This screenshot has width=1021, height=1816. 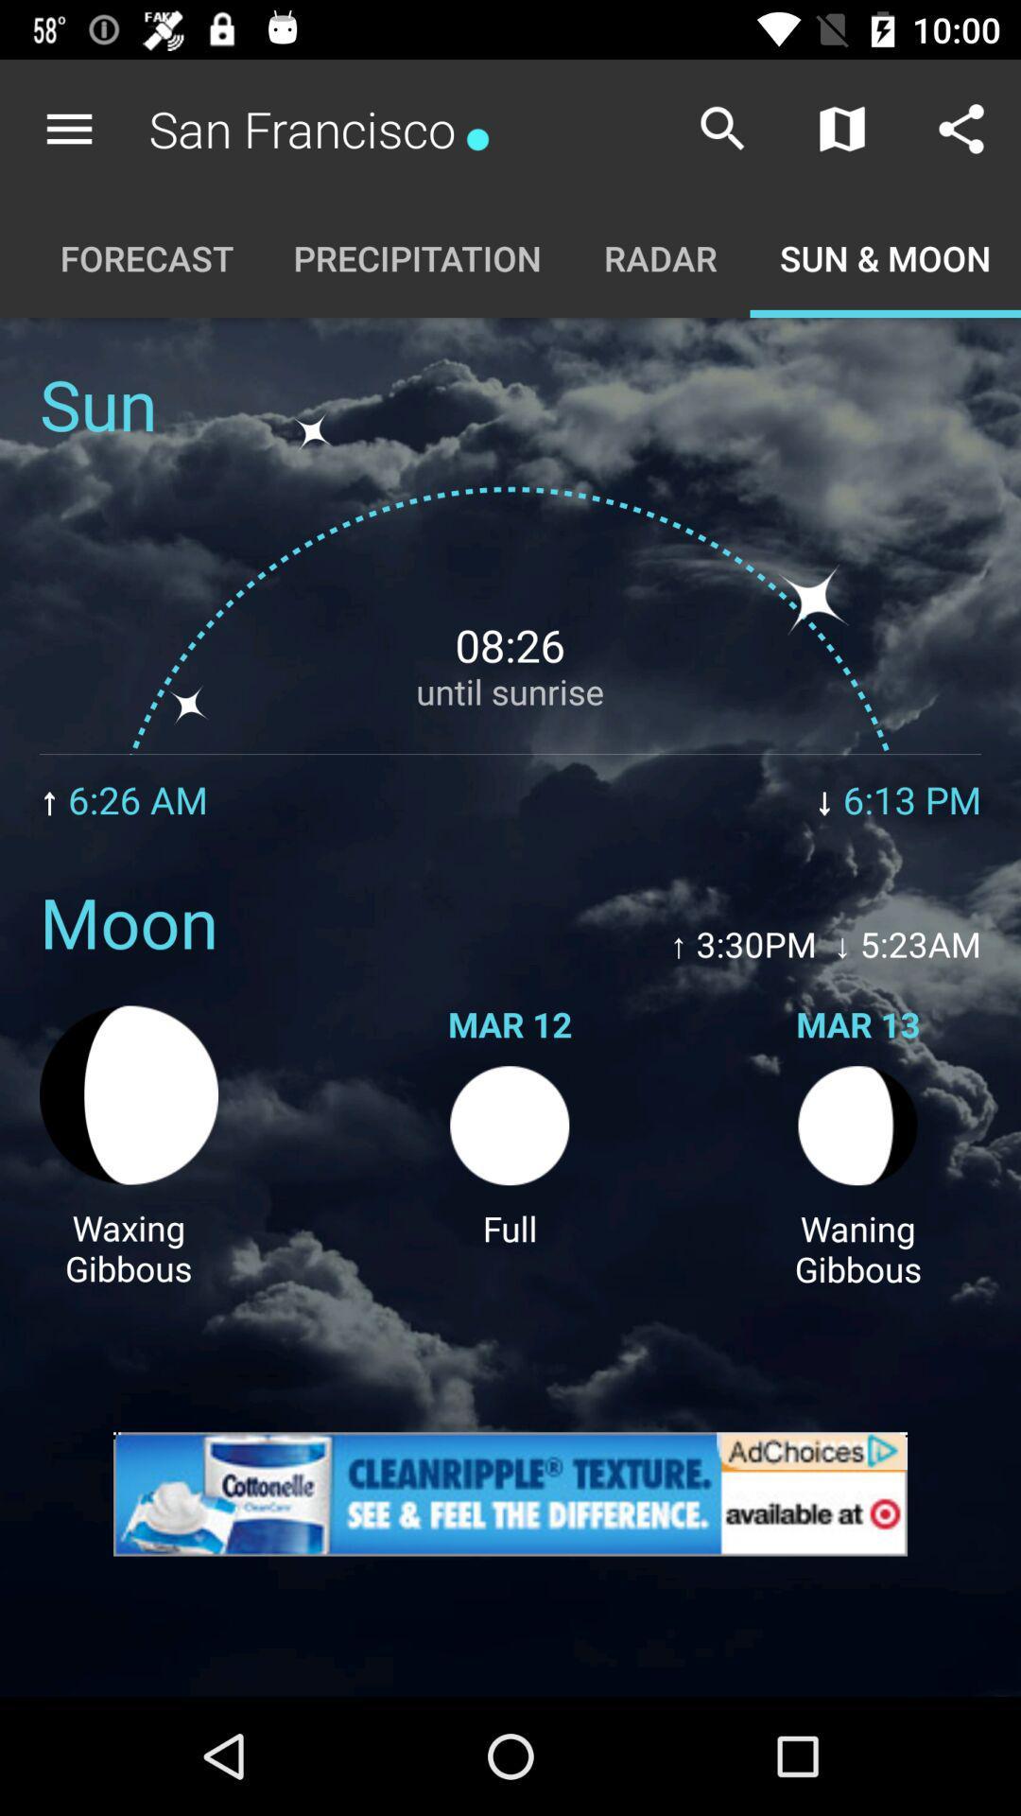 I want to click on the icon to the left of san francisco* app, so click(x=68, y=128).